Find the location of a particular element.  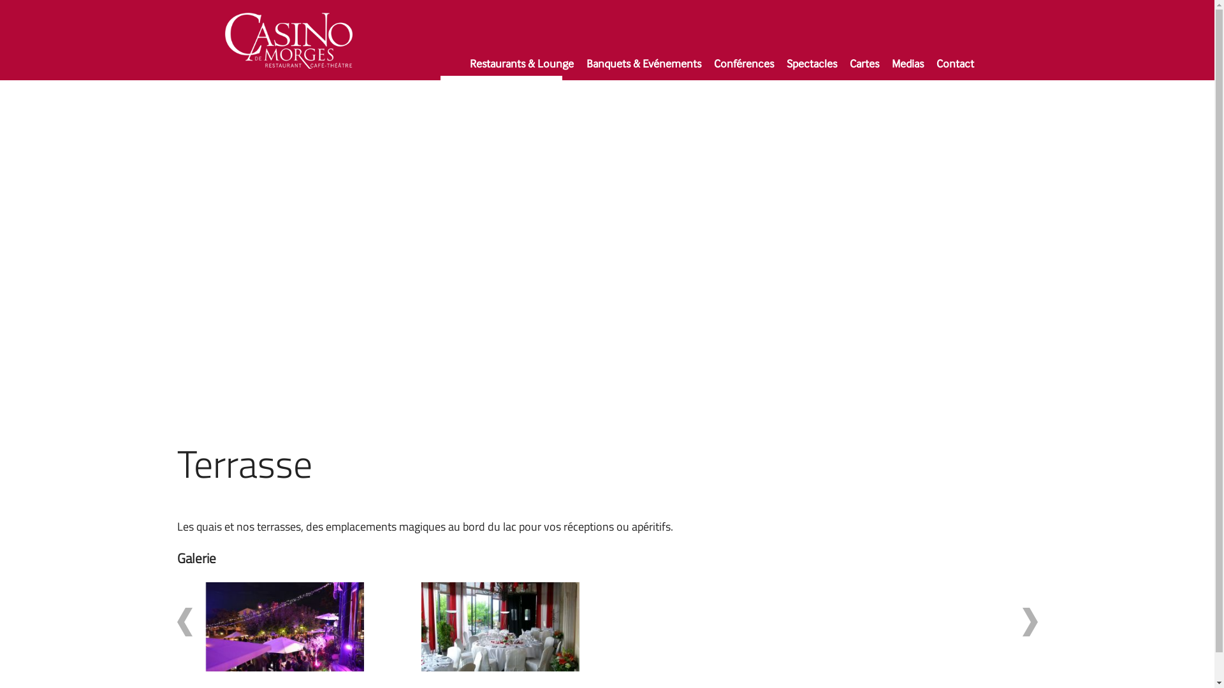

'Contact' is located at coordinates (955, 69).